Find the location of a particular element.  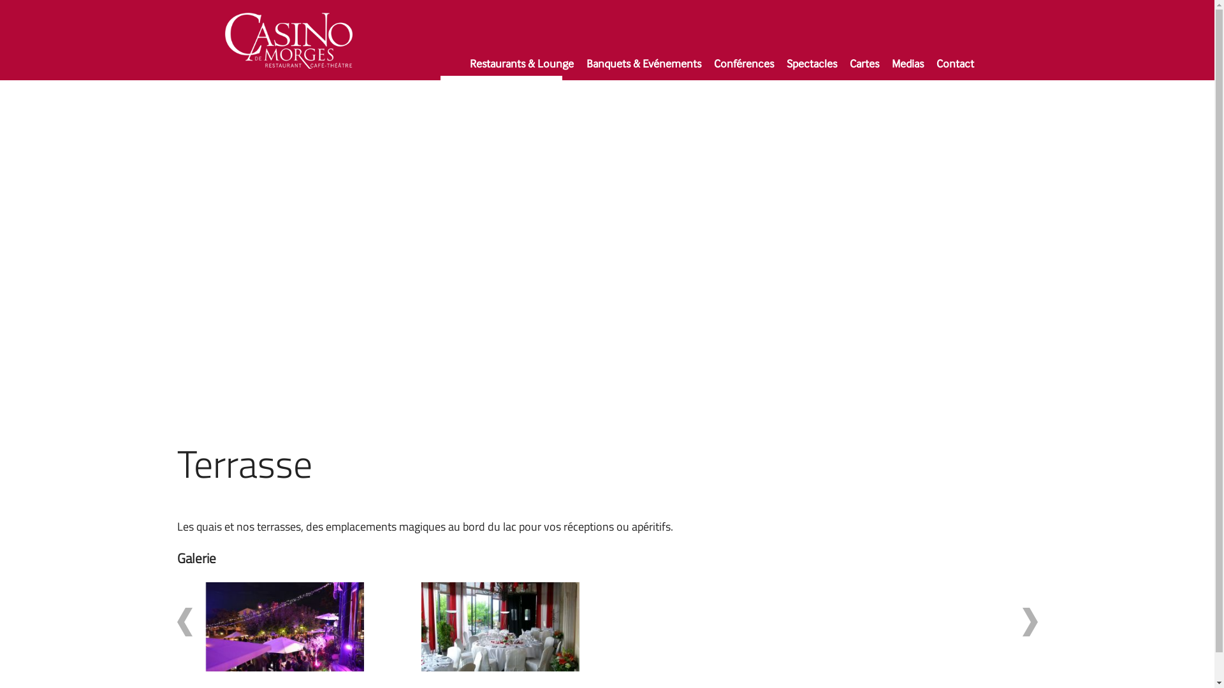

'Contact' is located at coordinates (955, 69).